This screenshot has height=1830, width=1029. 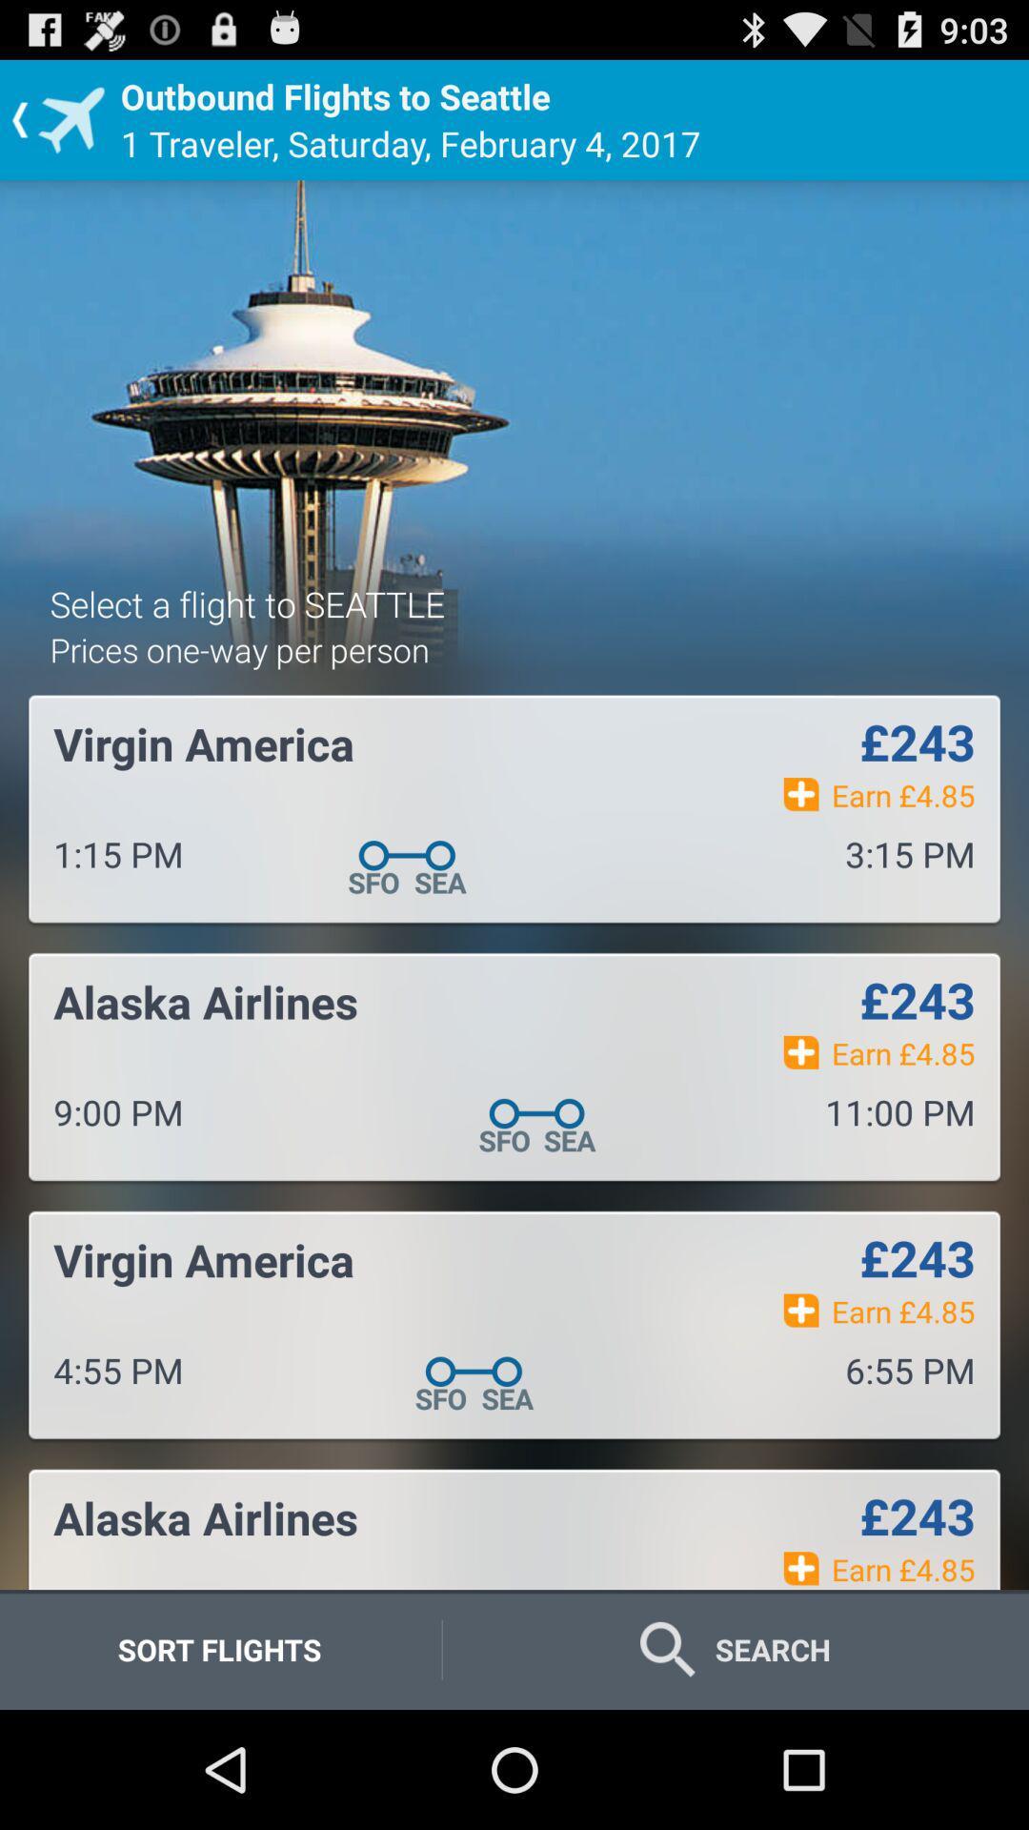 I want to click on icon above the prices one way icon, so click(x=246, y=602).